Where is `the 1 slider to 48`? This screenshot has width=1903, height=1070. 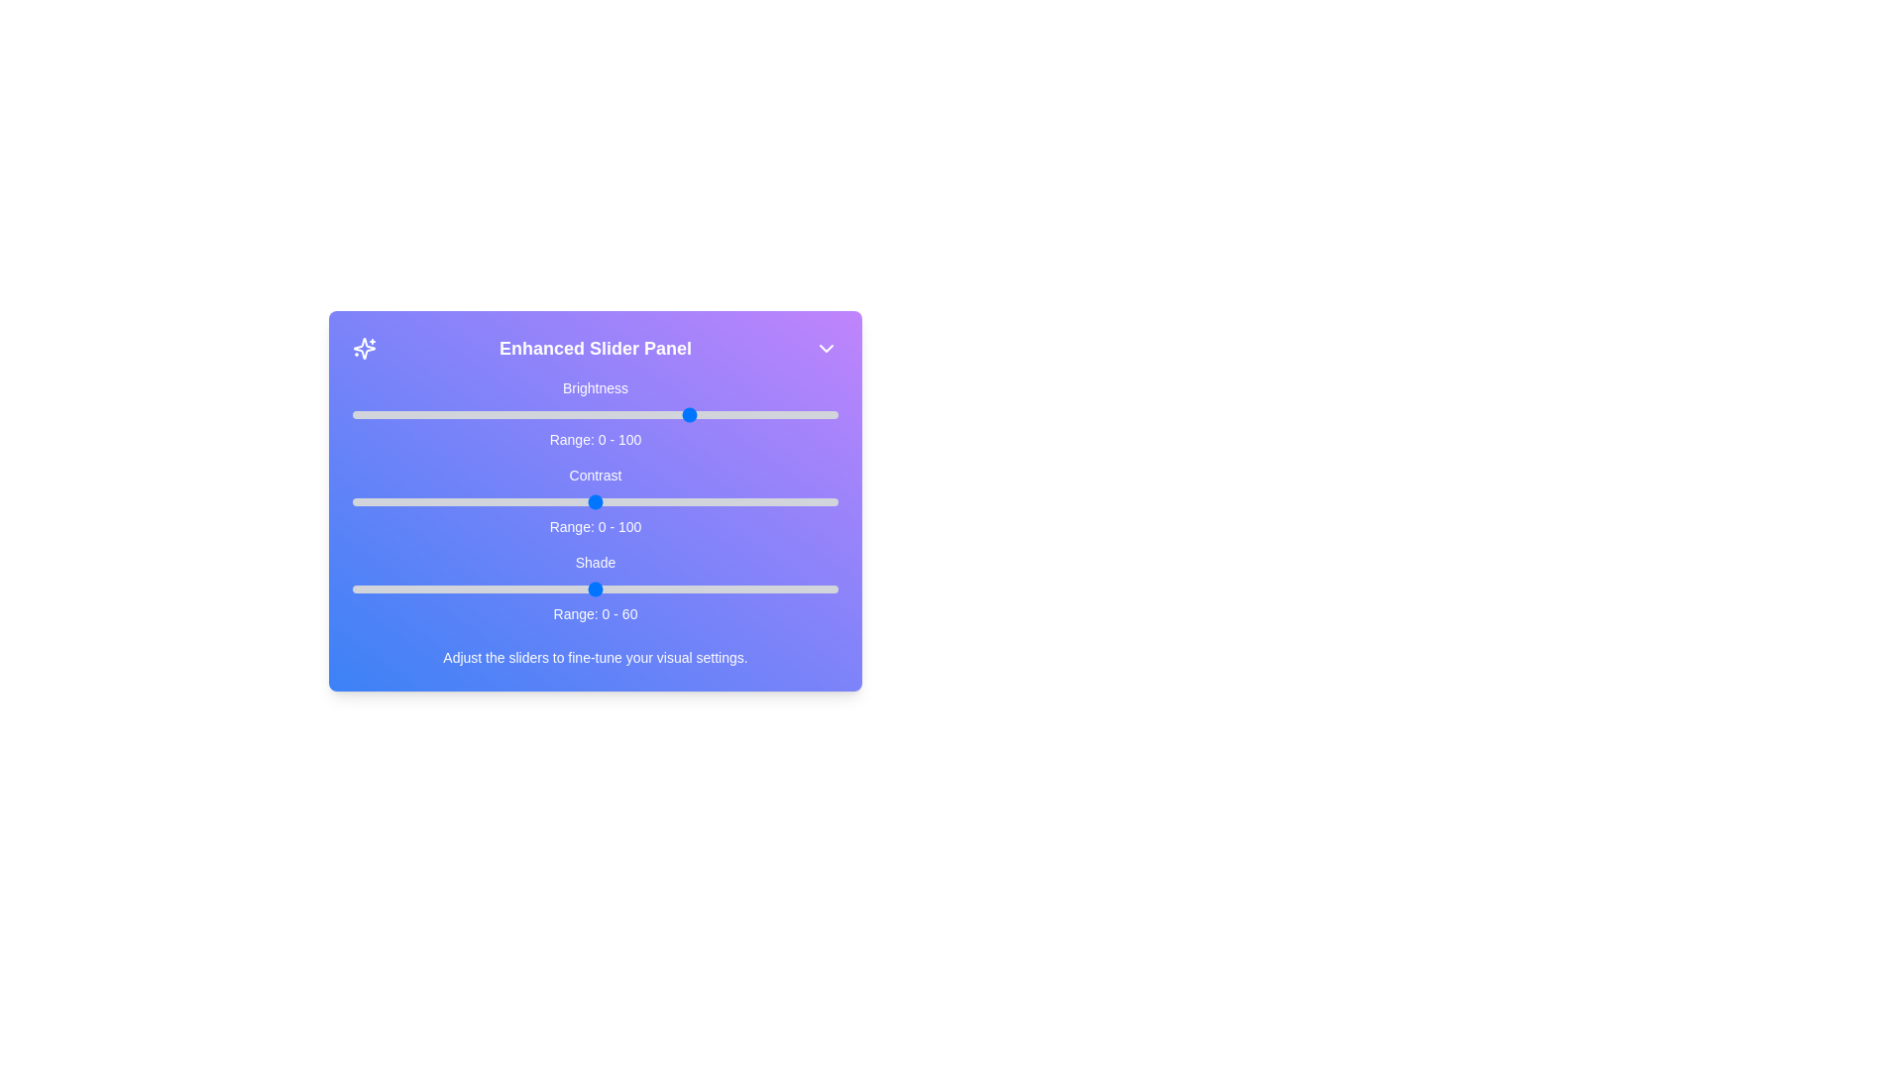 the 1 slider to 48 is located at coordinates (585, 500).